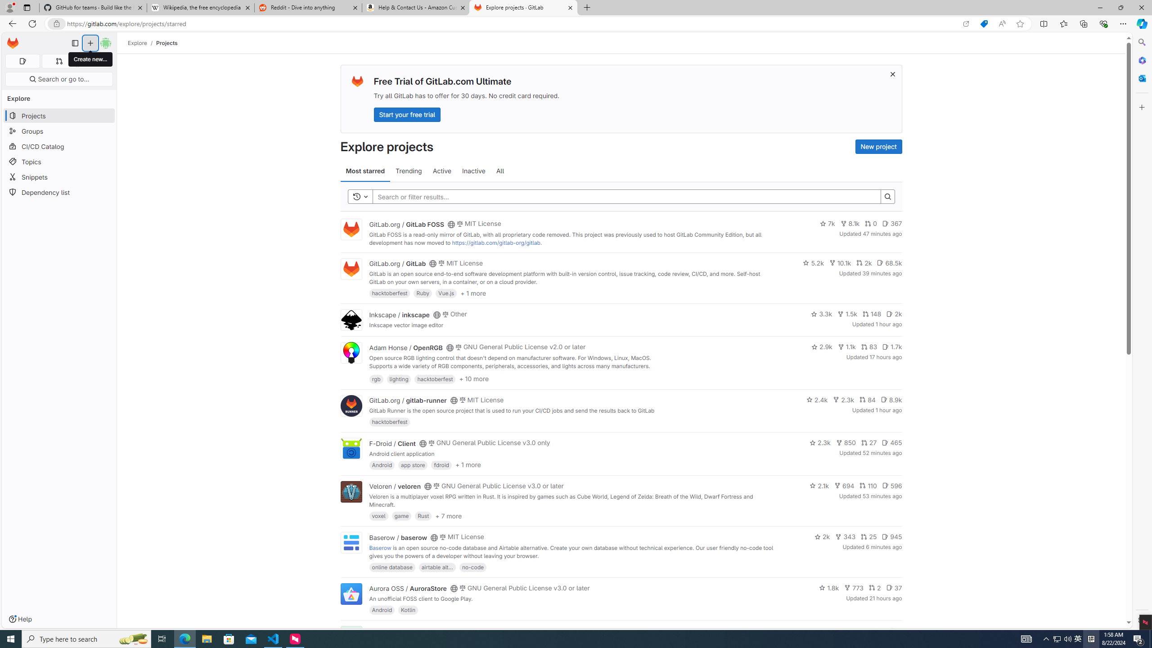  Describe the element at coordinates (844, 486) in the screenshot. I see `'694'` at that location.